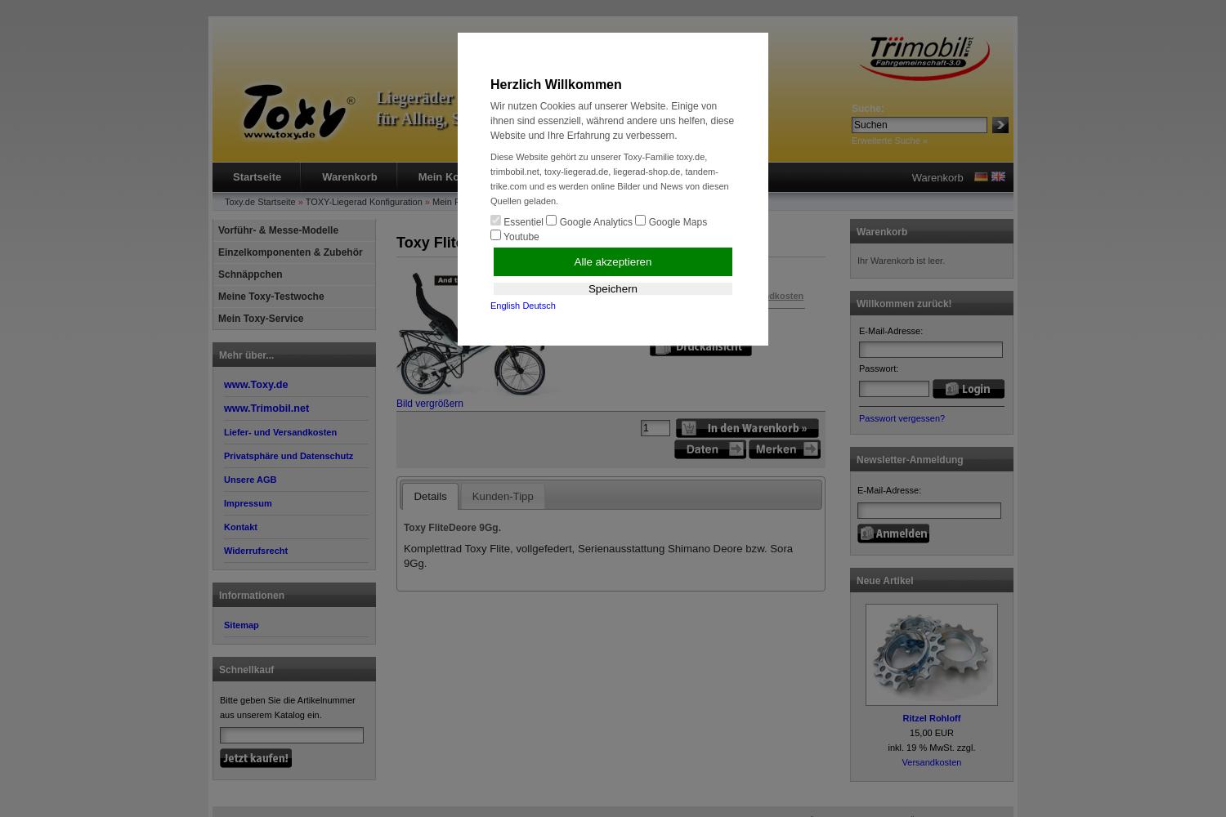 The image size is (1226, 817). Describe the element at coordinates (852, 141) in the screenshot. I see `'Erweiterte Suche »'` at that location.